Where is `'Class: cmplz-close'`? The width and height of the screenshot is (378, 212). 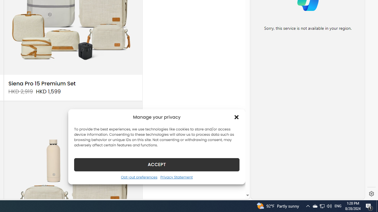 'Class: cmplz-close' is located at coordinates (237, 117).